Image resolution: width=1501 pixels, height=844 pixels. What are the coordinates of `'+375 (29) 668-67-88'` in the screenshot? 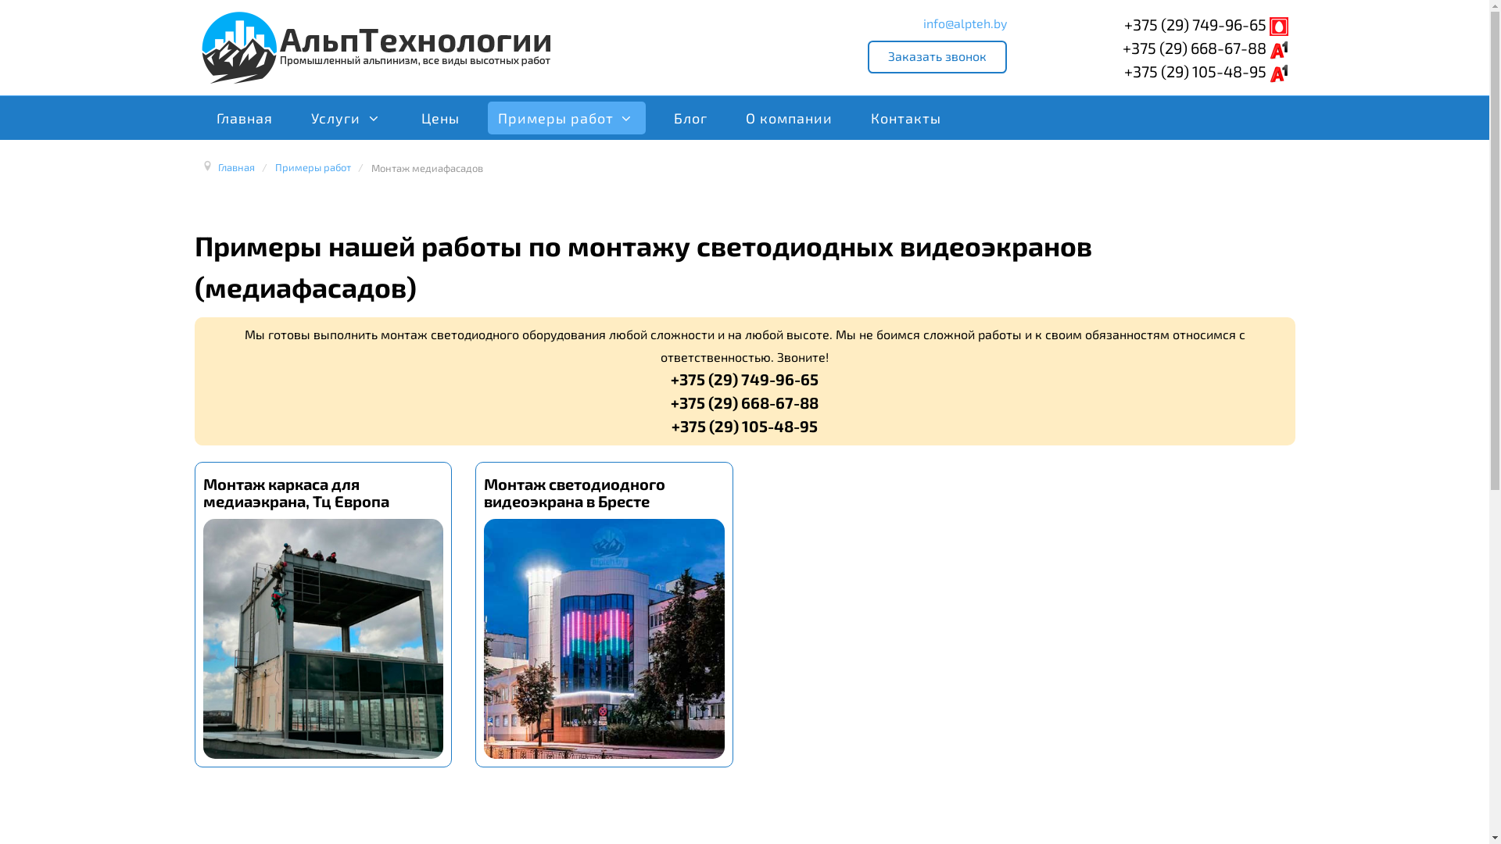 It's located at (1204, 47).